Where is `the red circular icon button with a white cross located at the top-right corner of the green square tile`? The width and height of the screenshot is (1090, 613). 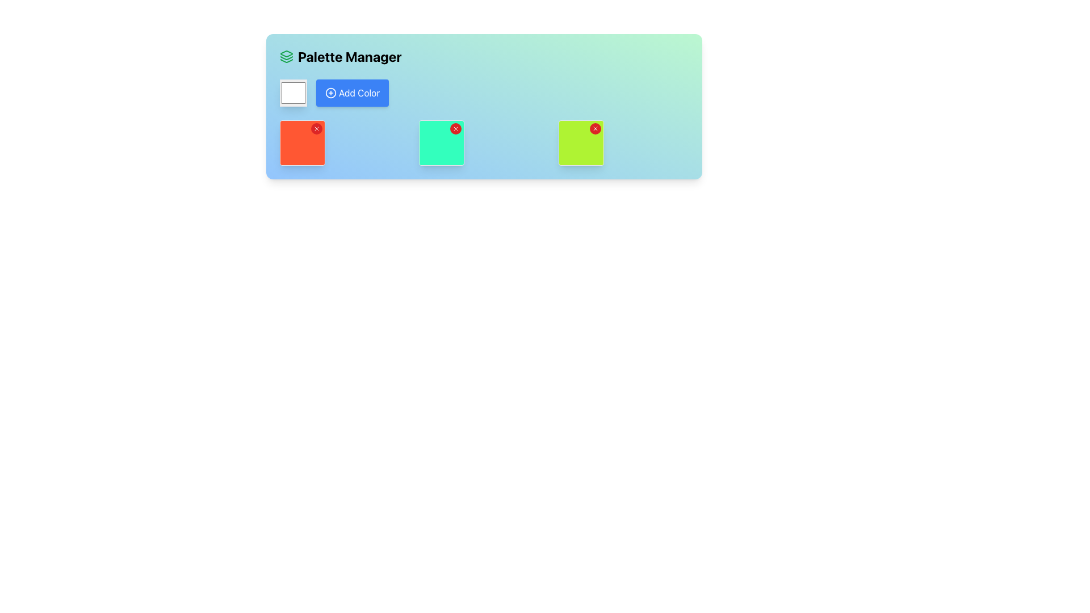
the red circular icon button with a white cross located at the top-right corner of the green square tile is located at coordinates (456, 128).